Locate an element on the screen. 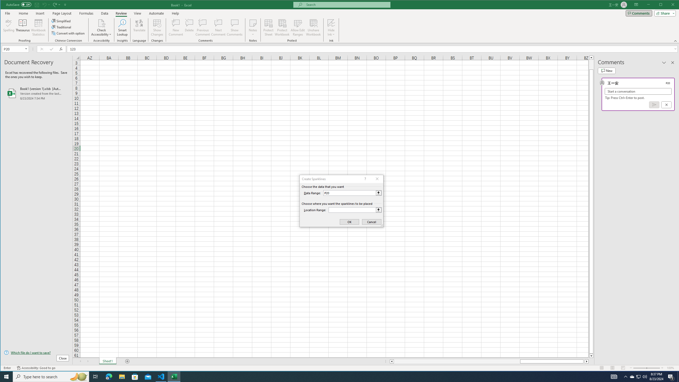 This screenshot has width=679, height=382. 'Customize Quick Access Toolbar' is located at coordinates (65, 4).